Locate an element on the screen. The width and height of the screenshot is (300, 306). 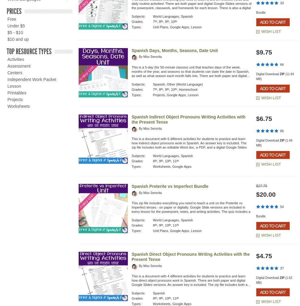
'Assessment' is located at coordinates (19, 65).